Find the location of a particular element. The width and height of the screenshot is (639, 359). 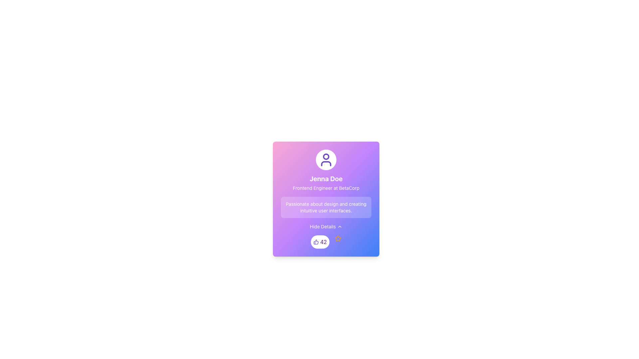

the star icon with a golden-orange outline located is located at coordinates (338, 238).